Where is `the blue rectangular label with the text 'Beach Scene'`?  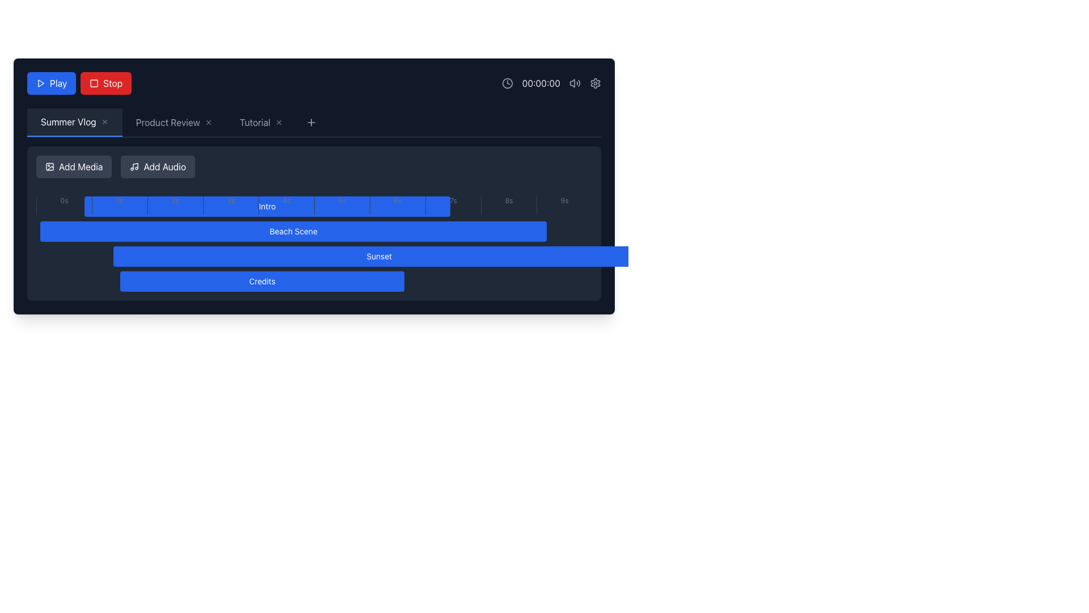 the blue rectangular label with the text 'Beach Scene' is located at coordinates (293, 231).